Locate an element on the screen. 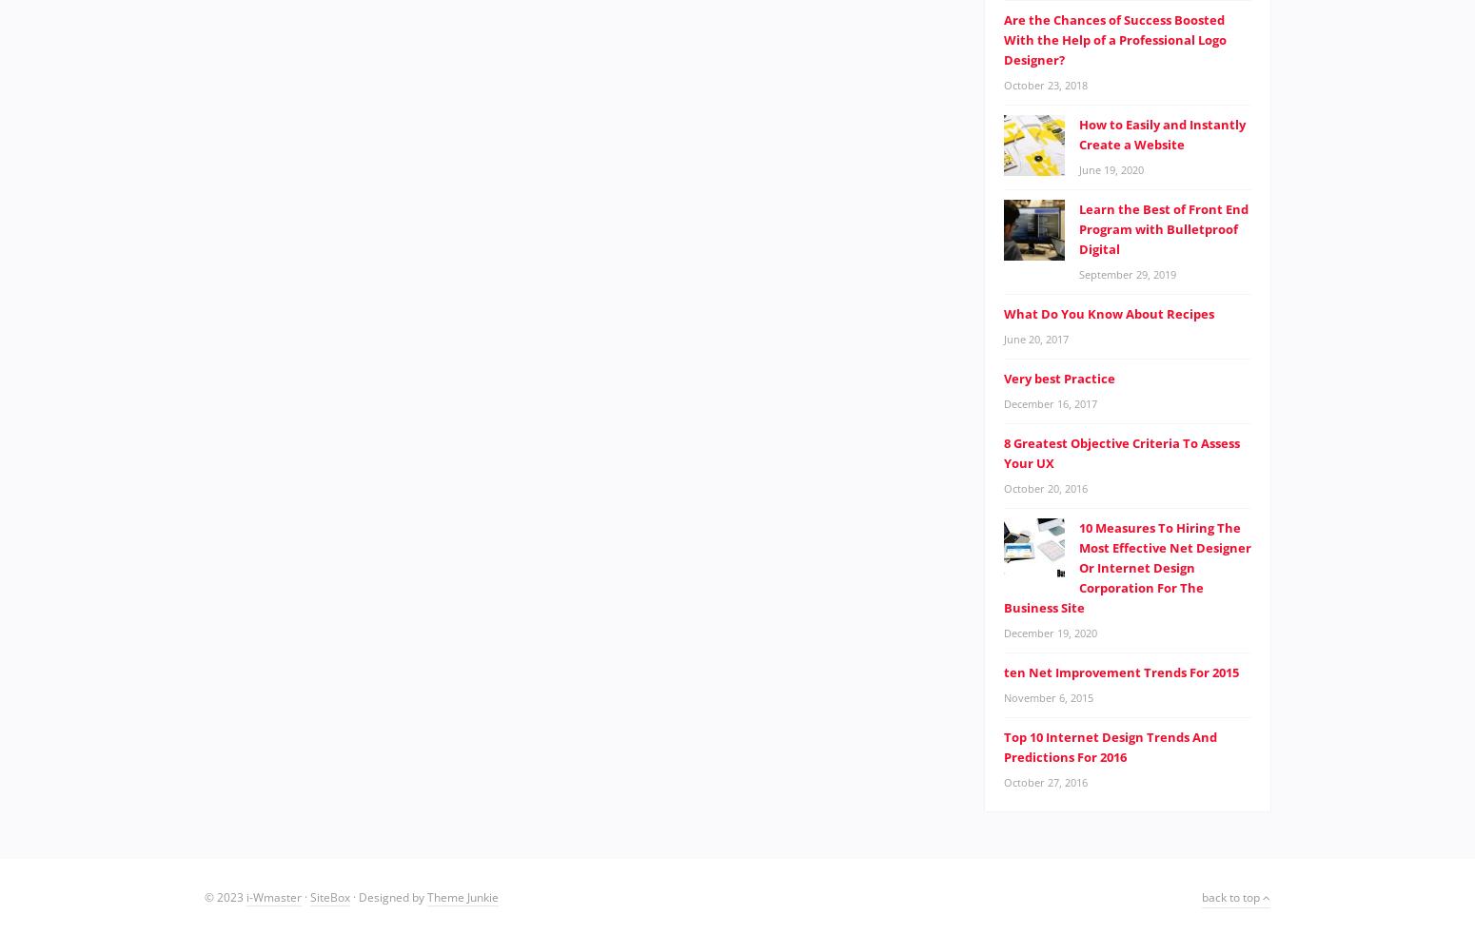 This screenshot has width=1475, height=935. 'What Do You Know About Recipes' is located at coordinates (1109, 312).